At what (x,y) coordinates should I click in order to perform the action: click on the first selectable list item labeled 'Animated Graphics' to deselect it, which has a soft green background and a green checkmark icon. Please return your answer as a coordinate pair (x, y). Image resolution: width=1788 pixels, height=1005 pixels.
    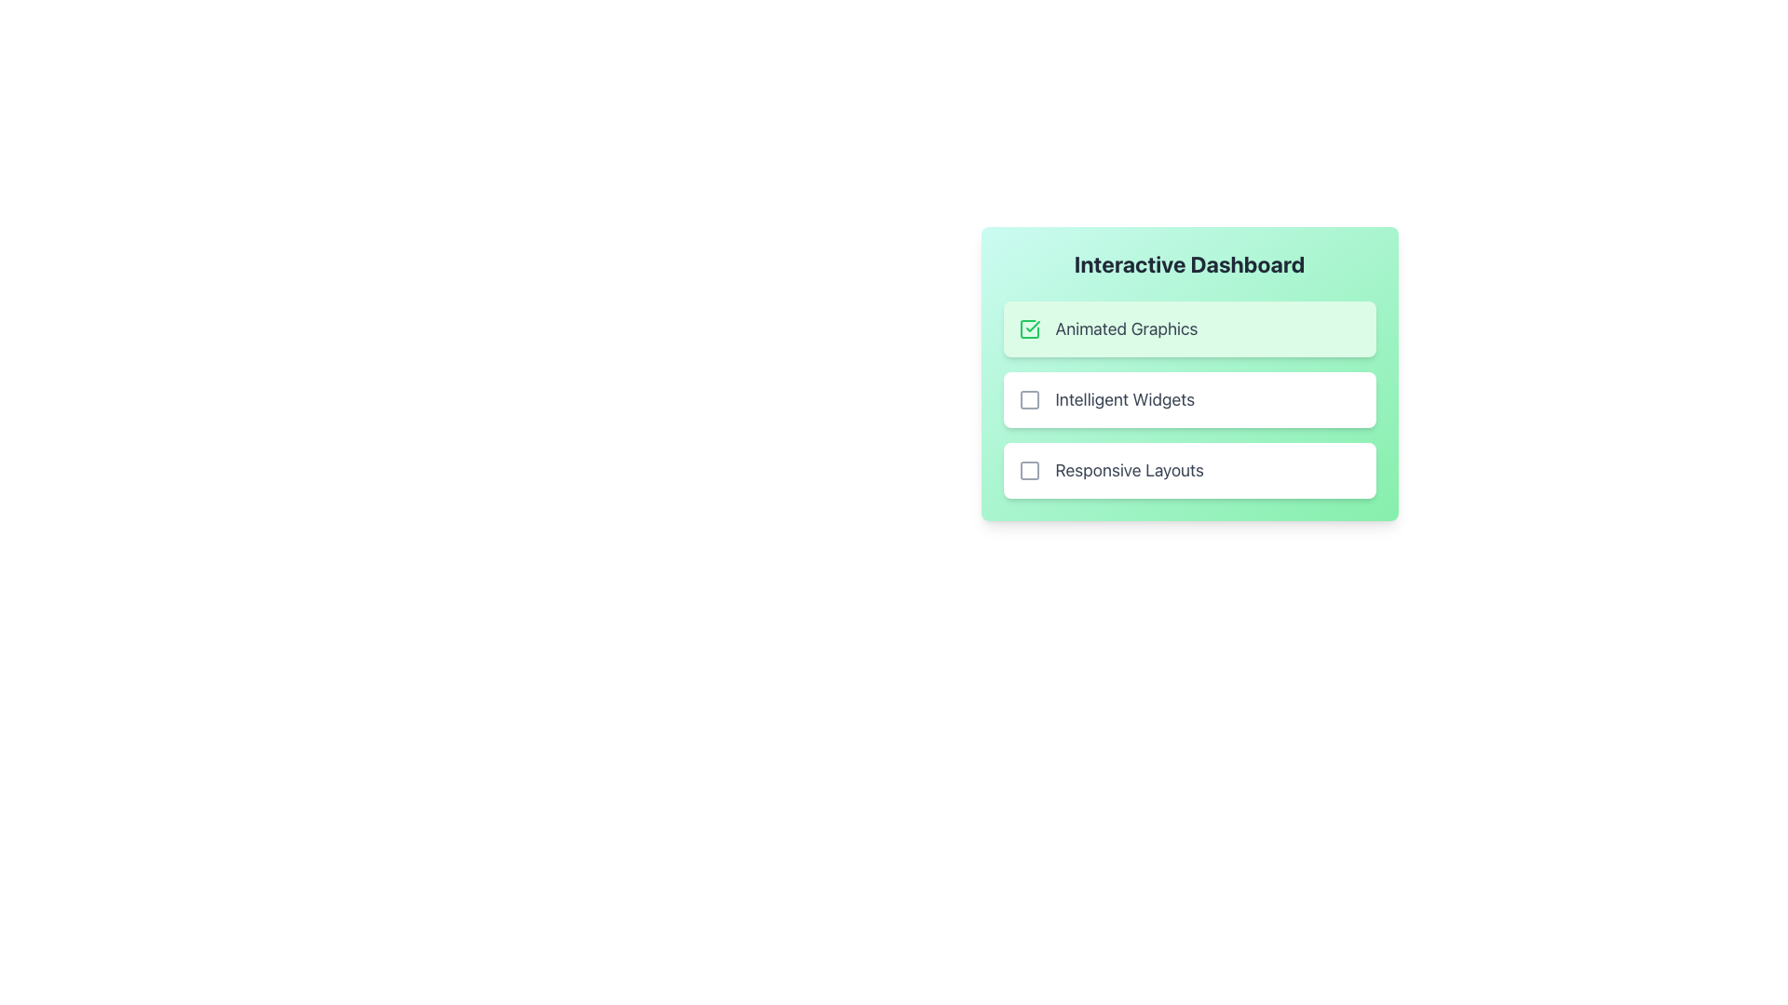
    Looking at the image, I should click on (1188, 328).